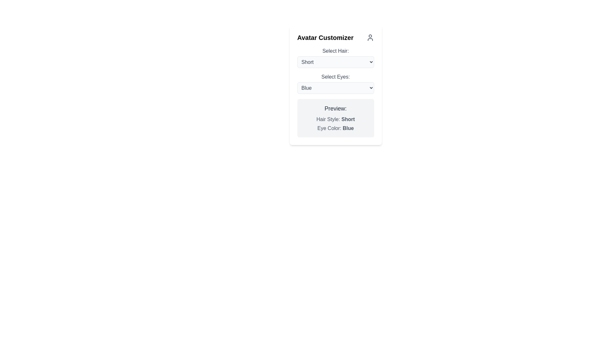 This screenshot has height=345, width=614. I want to click on the text element displaying 'Short' in bold font, which is part of the line 'Hair Style: Short' located within the 'Preview:' section, so click(348, 119).